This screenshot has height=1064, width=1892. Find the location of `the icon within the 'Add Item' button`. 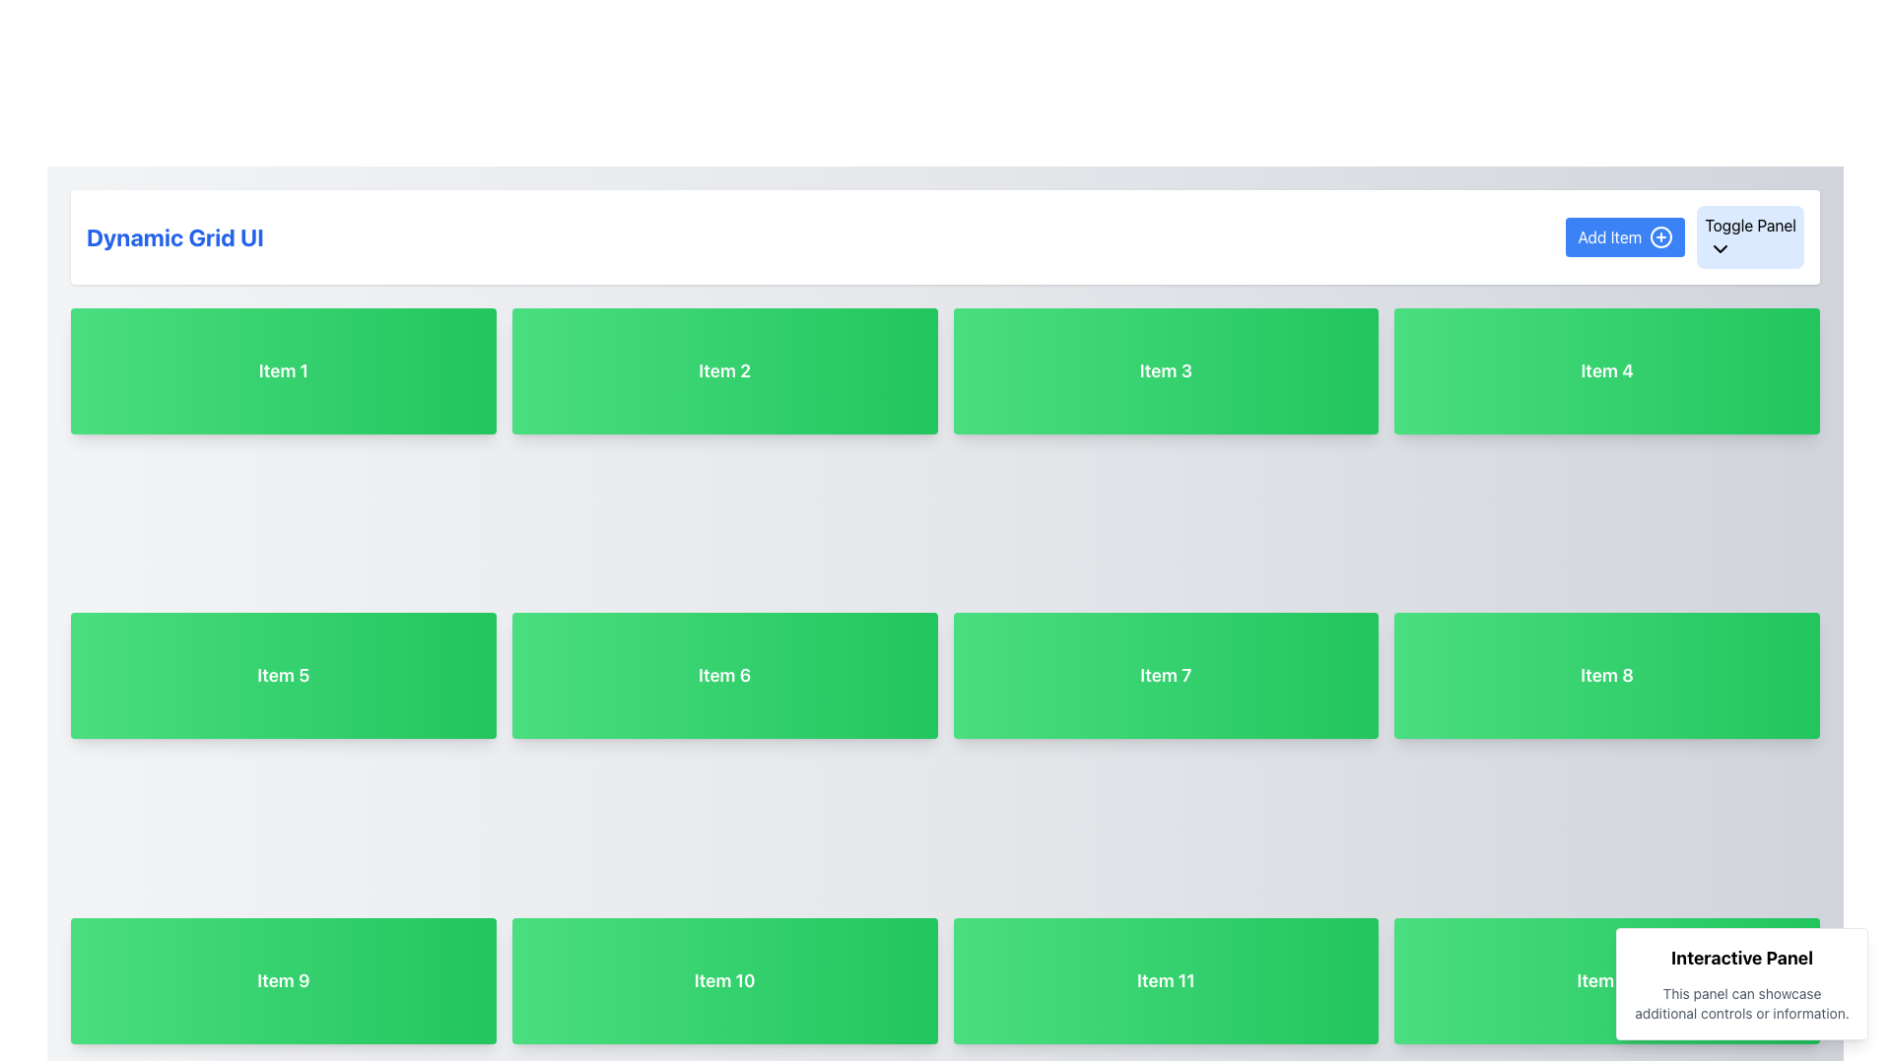

the icon within the 'Add Item' button is located at coordinates (1660, 235).